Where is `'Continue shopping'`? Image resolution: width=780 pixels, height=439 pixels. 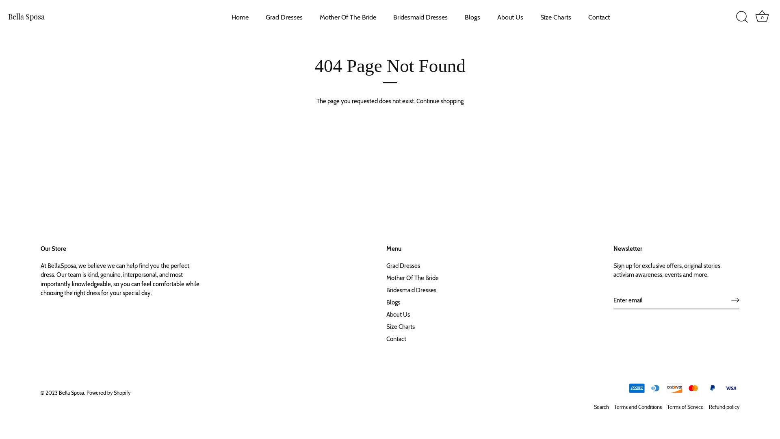 'Continue shopping' is located at coordinates (416, 101).